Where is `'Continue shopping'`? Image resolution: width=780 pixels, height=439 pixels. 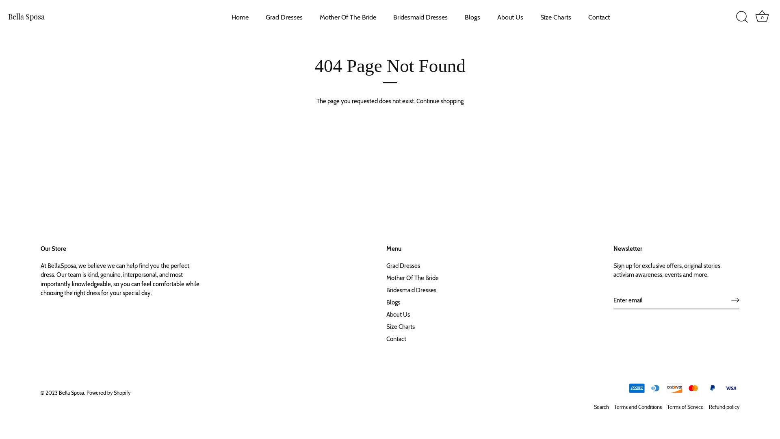 'Continue shopping' is located at coordinates (416, 101).